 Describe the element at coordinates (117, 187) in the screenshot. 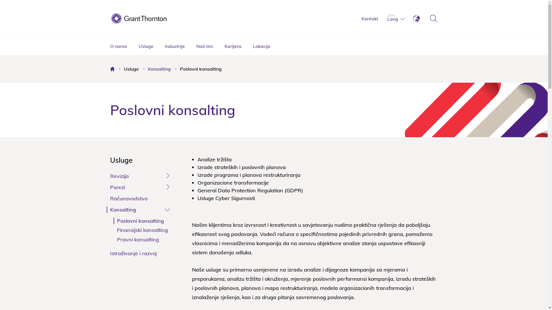

I see `'Porezi'` at that location.